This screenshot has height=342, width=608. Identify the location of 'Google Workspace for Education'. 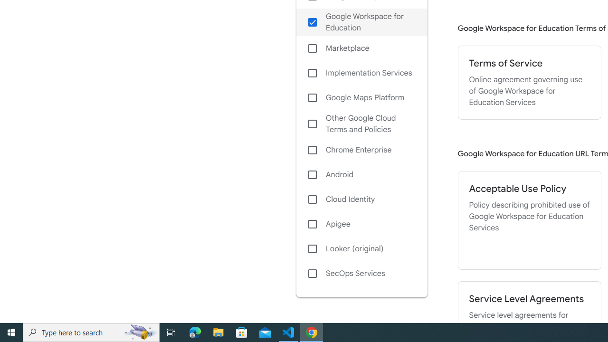
(361, 22).